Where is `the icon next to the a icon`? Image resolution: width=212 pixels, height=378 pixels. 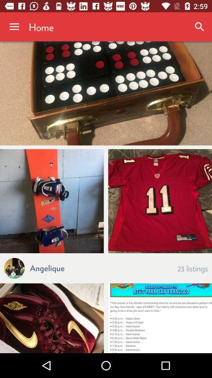
the icon next to the a icon is located at coordinates (47, 267).